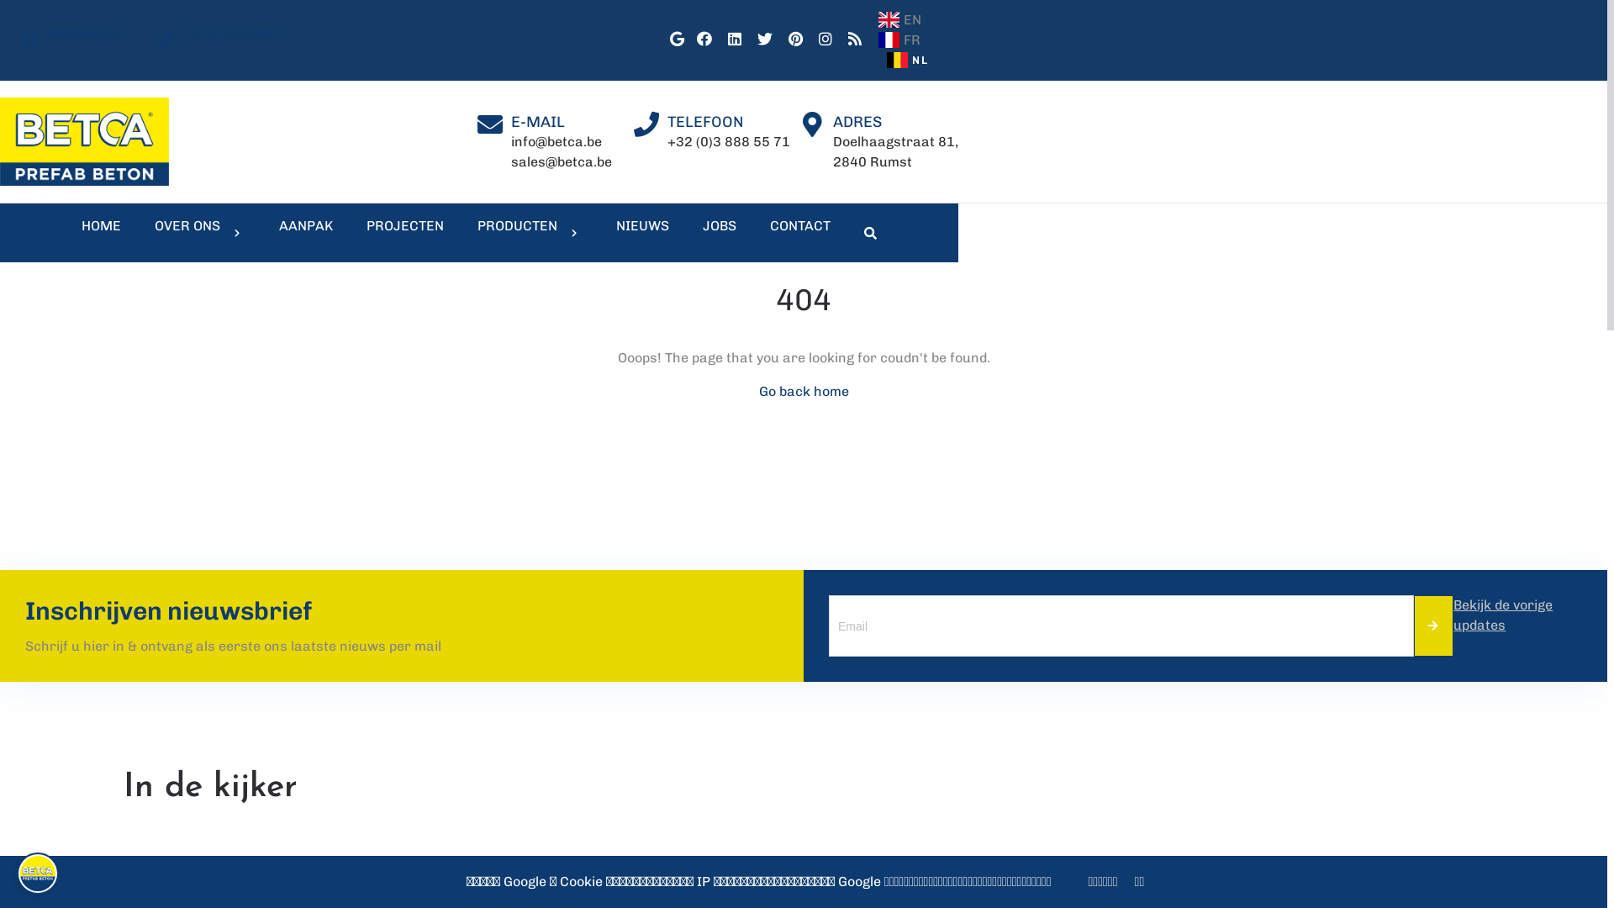  Describe the element at coordinates (1517, 626) in the screenshot. I see `'Bekijk de vorige updates'` at that location.